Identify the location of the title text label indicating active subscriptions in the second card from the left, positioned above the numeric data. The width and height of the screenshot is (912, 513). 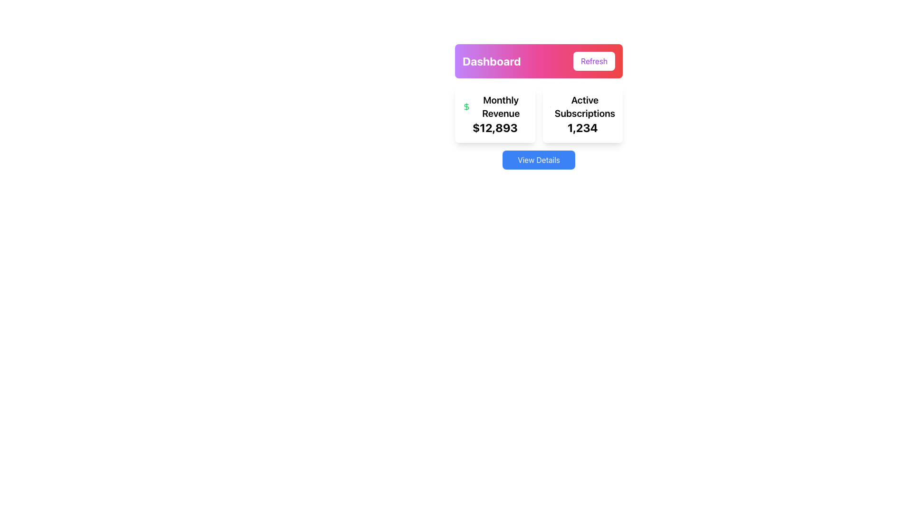
(584, 106).